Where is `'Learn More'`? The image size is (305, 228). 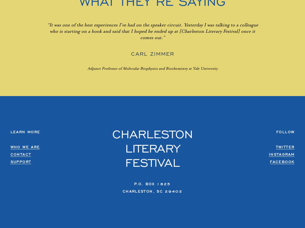
'Learn More' is located at coordinates (25, 132).